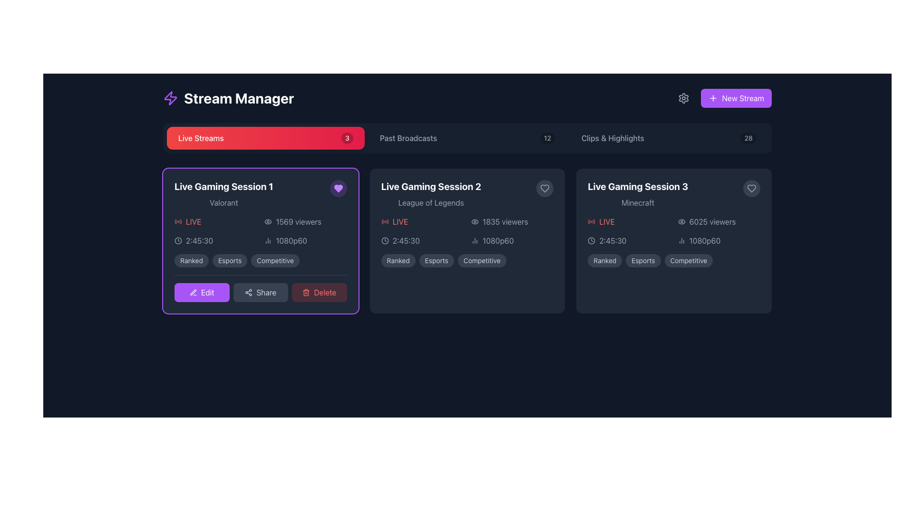 This screenshot has height=513, width=913. I want to click on the text label indicating the title of the game being streamed in the 'Live Gaming Session 2' card, so click(430, 202).